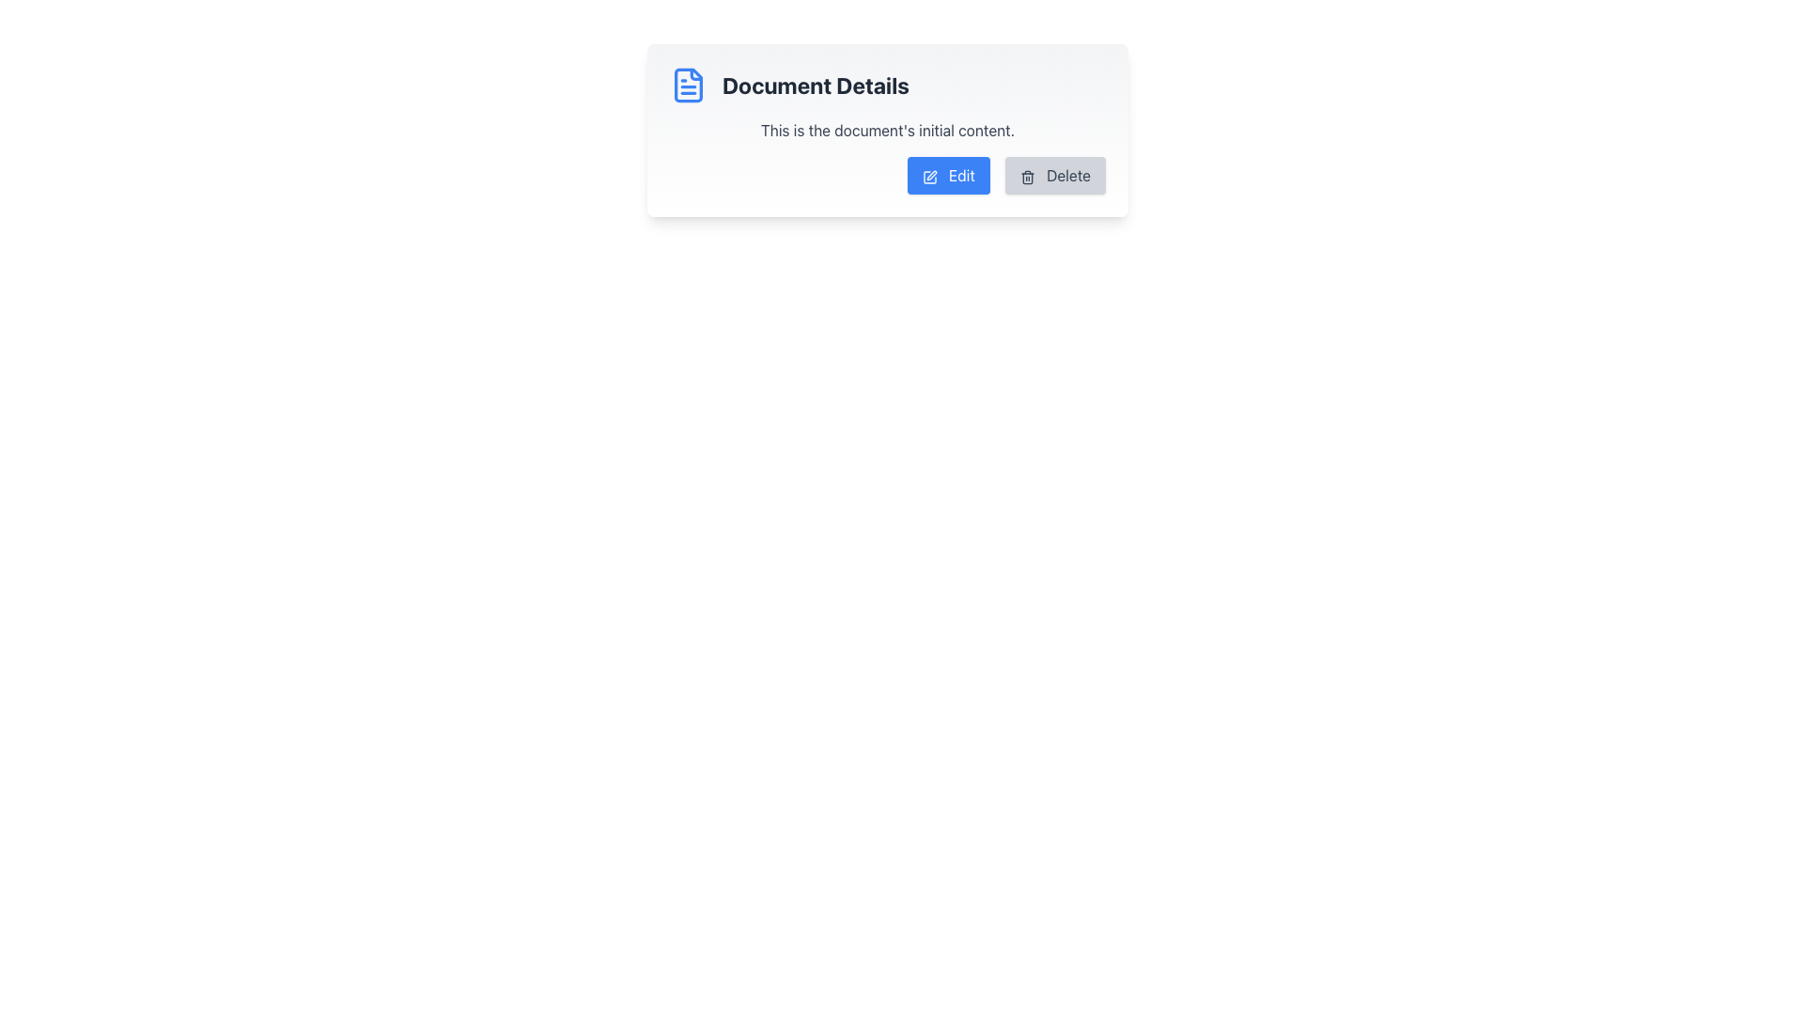 The width and height of the screenshot is (1804, 1015). What do you see at coordinates (948, 175) in the screenshot?
I see `the edit button located at the bottom-right of the card, which is the first button in the sequence of two buttons` at bounding box center [948, 175].